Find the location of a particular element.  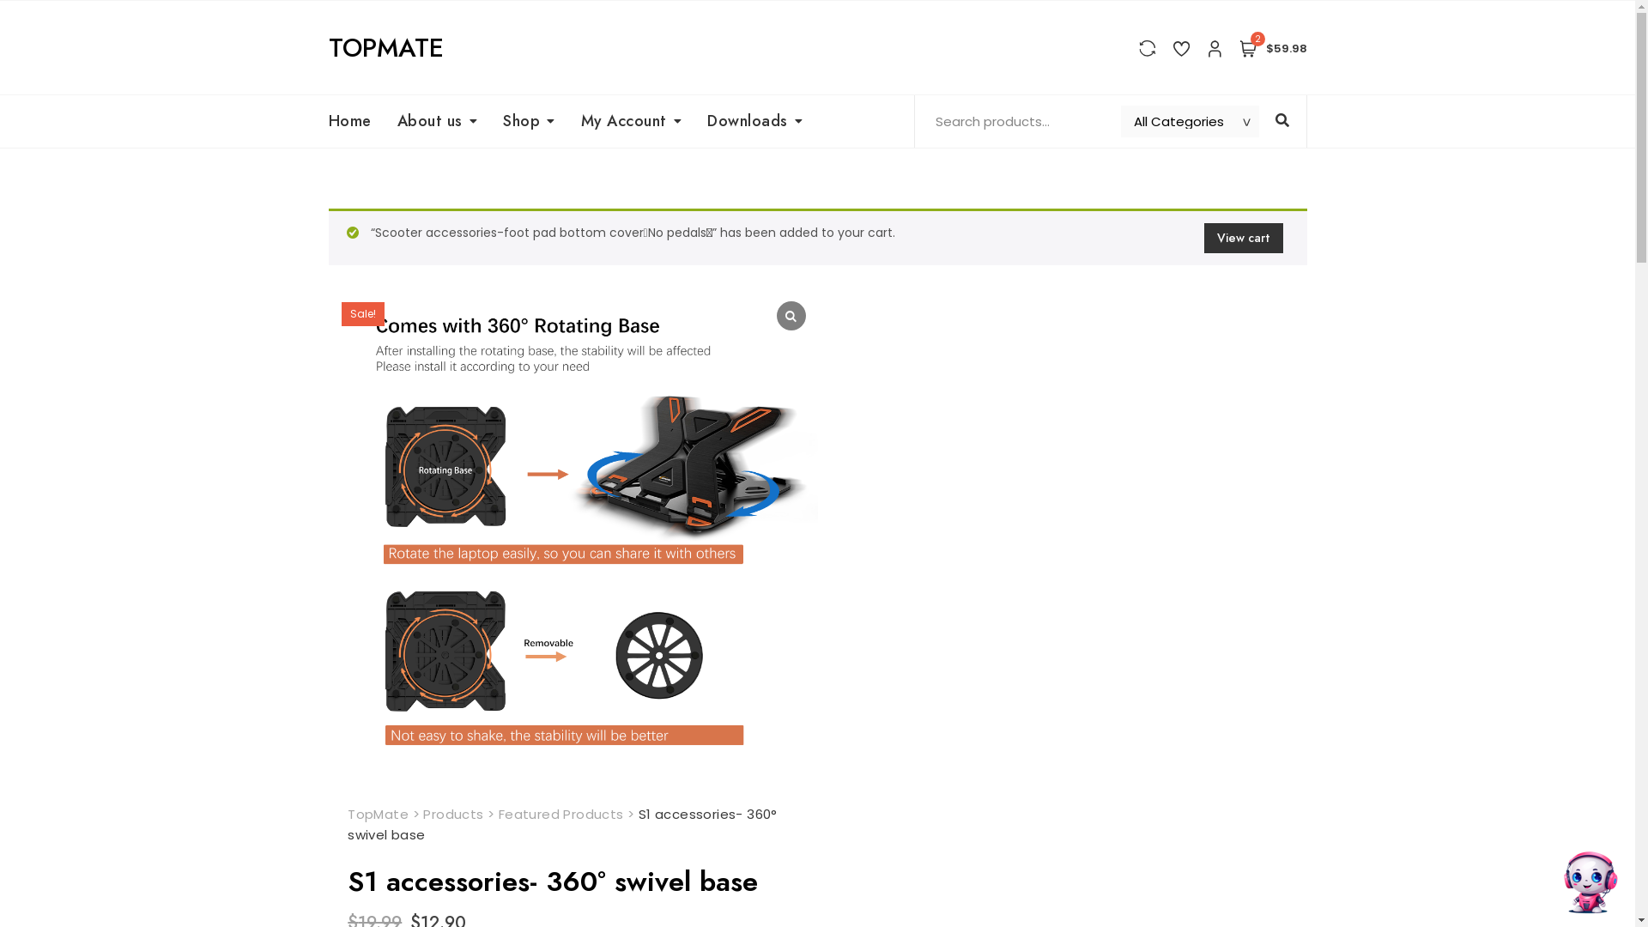

'Home' is located at coordinates (354, 120).